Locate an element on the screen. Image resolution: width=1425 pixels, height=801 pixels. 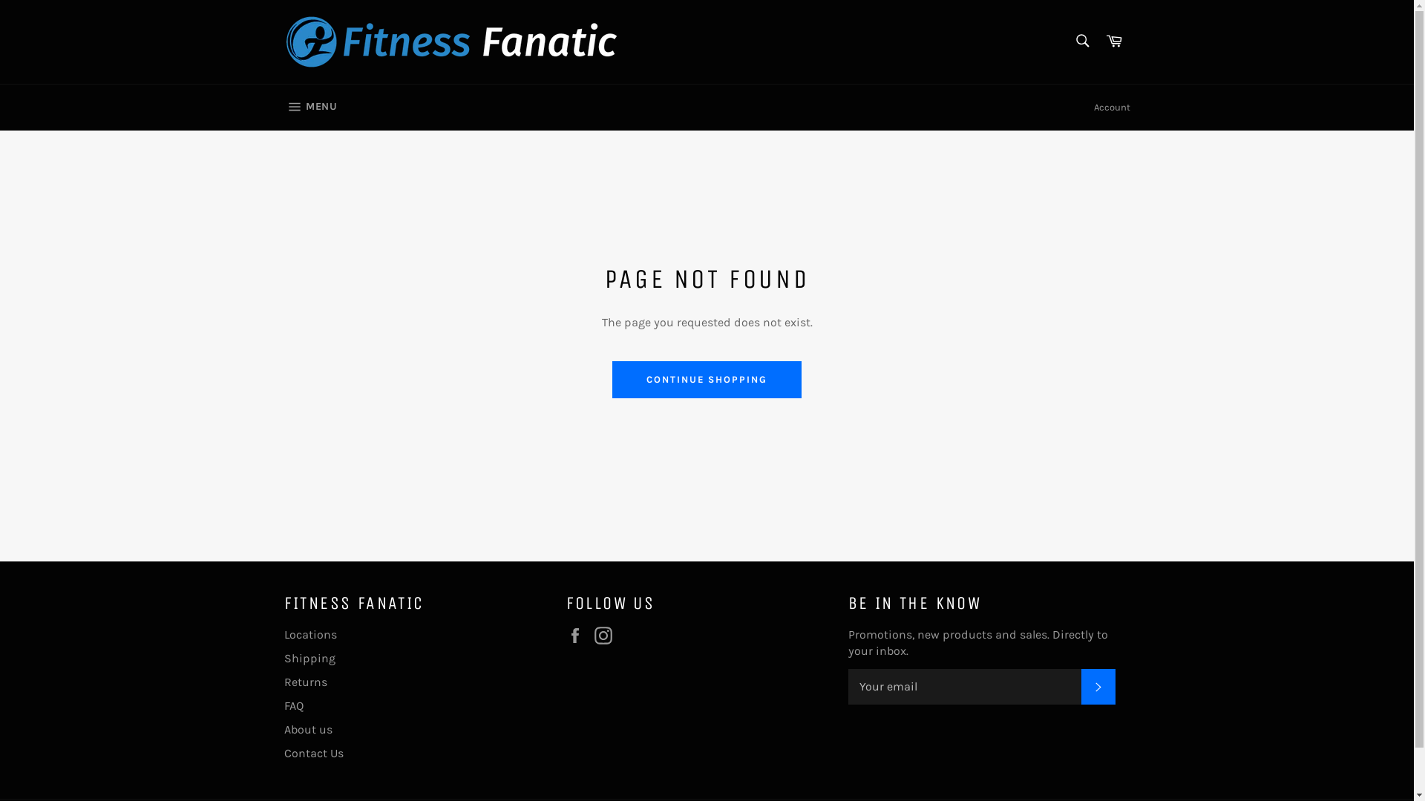
'Account' is located at coordinates (1112, 107).